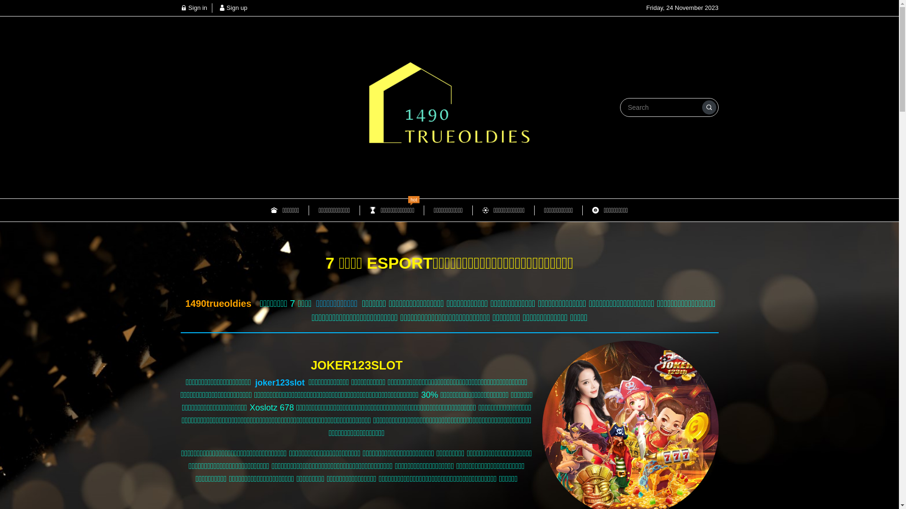  What do you see at coordinates (279, 382) in the screenshot?
I see `'joker123slot'` at bounding box center [279, 382].